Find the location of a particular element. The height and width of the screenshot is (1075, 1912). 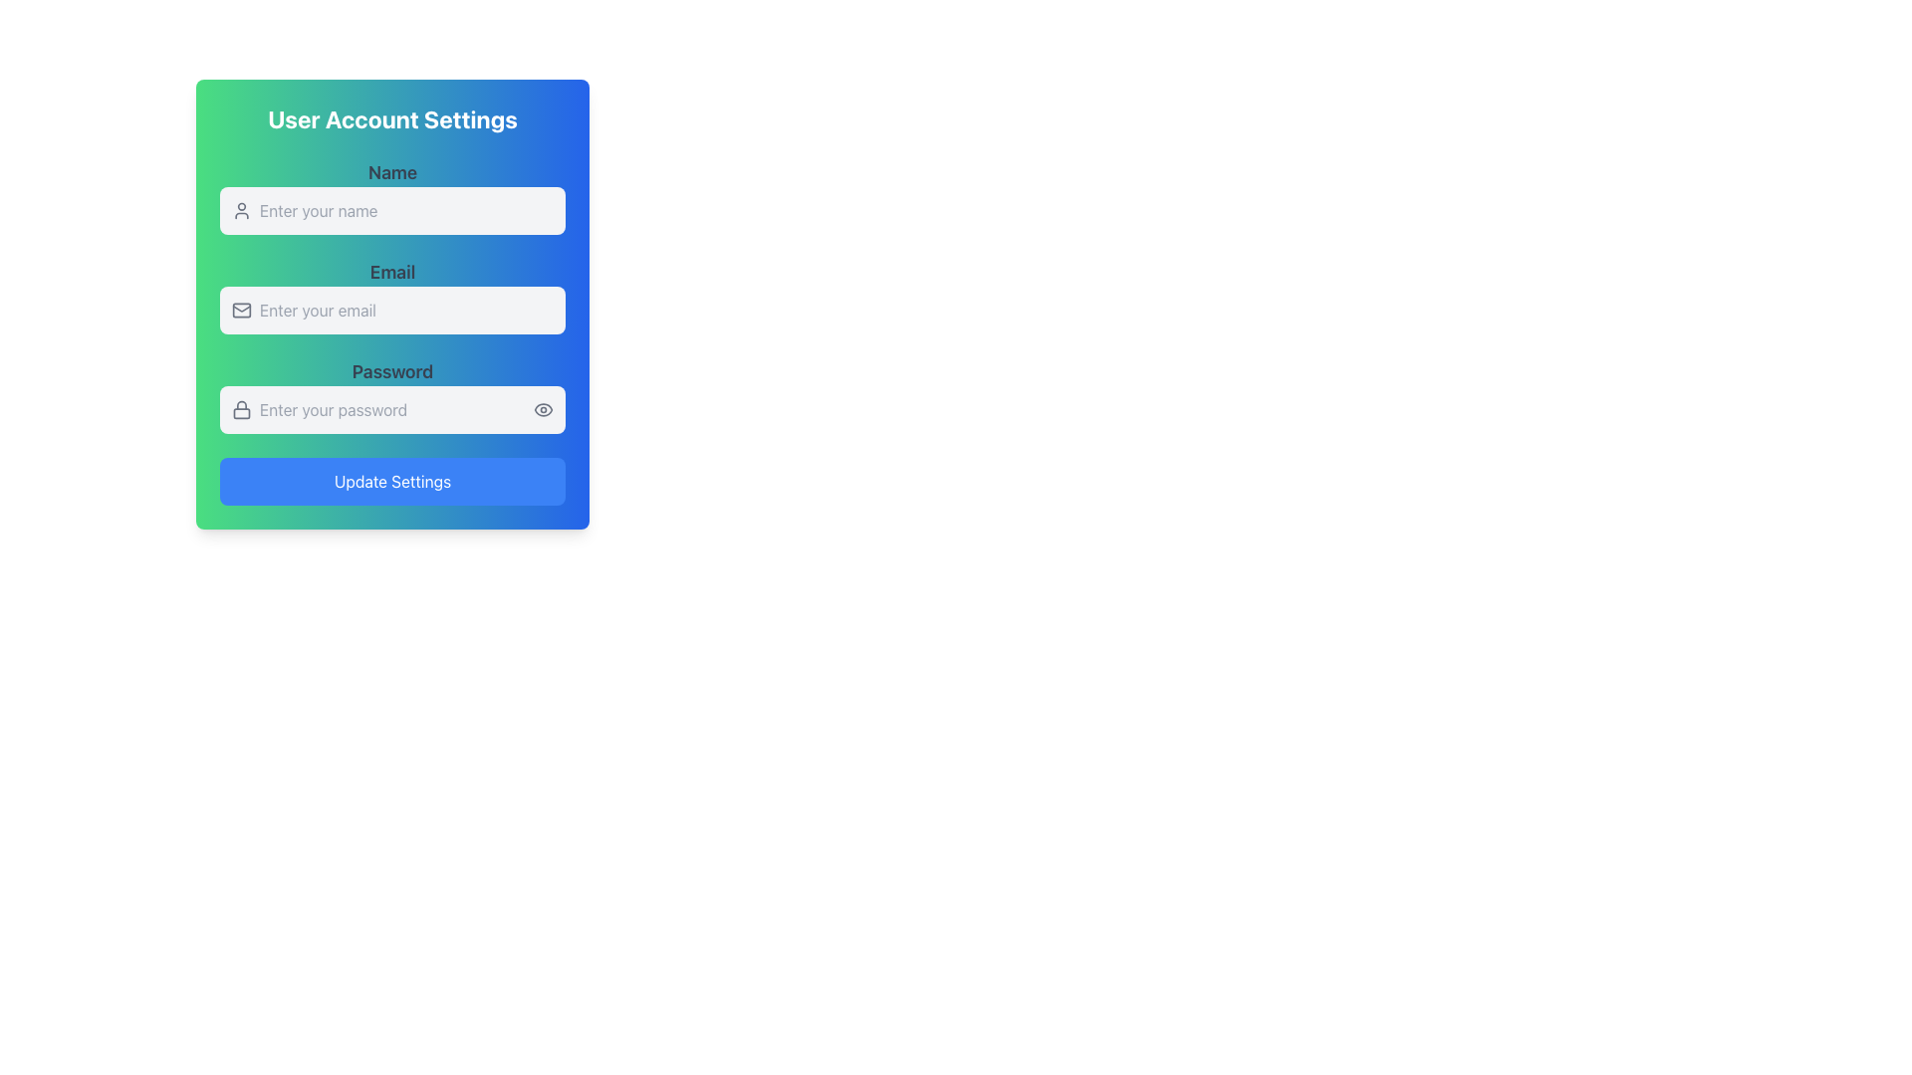

the 'Email' text label, which is styled in bold and dark gray, positioned above the email input field in the 'User Account Settings' section is located at coordinates (392, 272).